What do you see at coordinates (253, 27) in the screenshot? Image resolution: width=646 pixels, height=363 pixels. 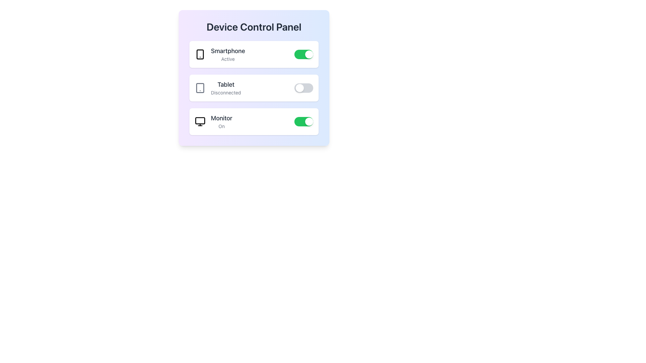 I see `the descriptive title text label at the top of the device control panel, which indicates the purpose of the interface` at bounding box center [253, 27].